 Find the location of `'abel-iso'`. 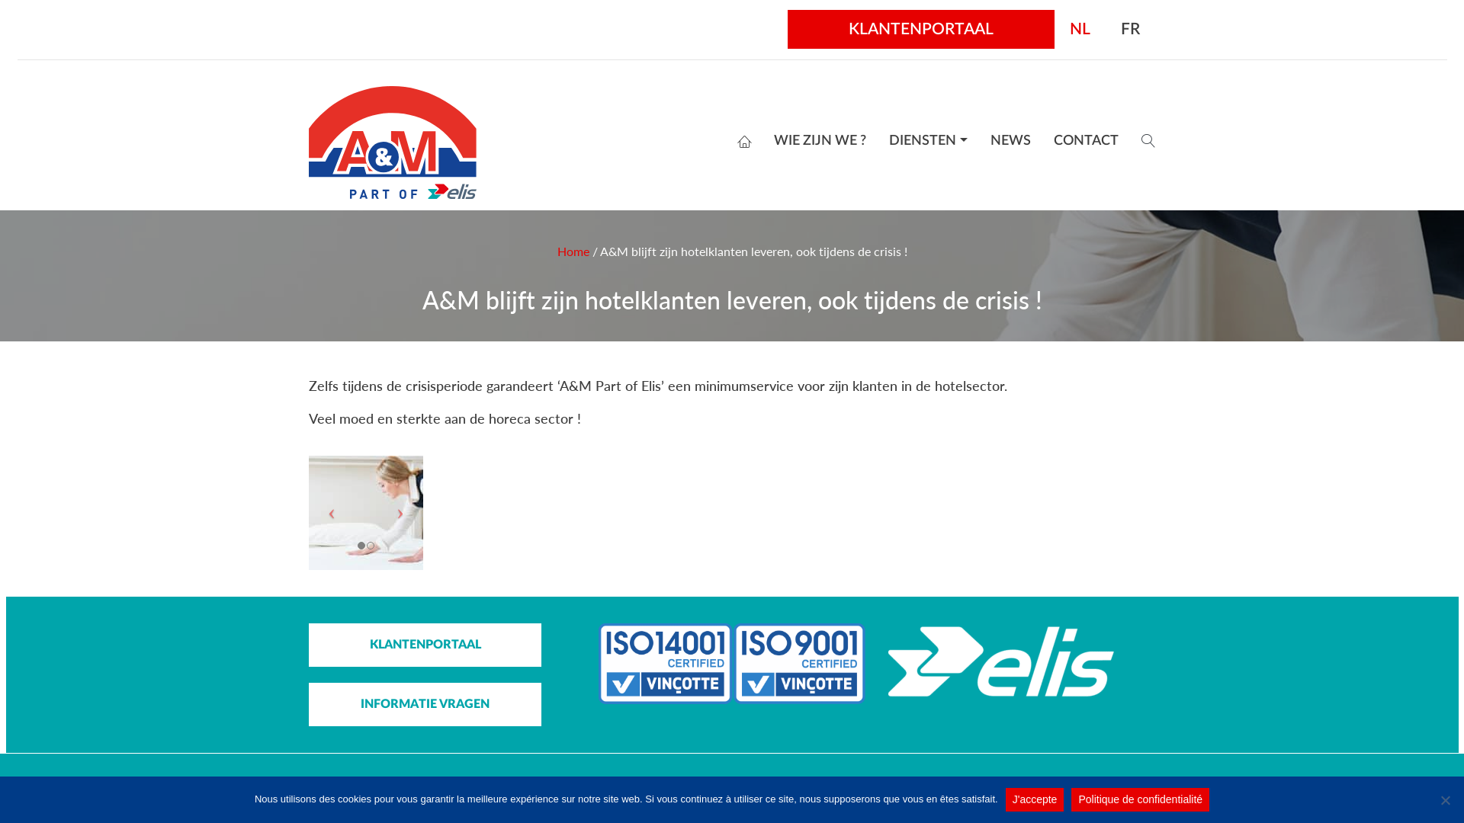

'abel-iso' is located at coordinates (732, 663).